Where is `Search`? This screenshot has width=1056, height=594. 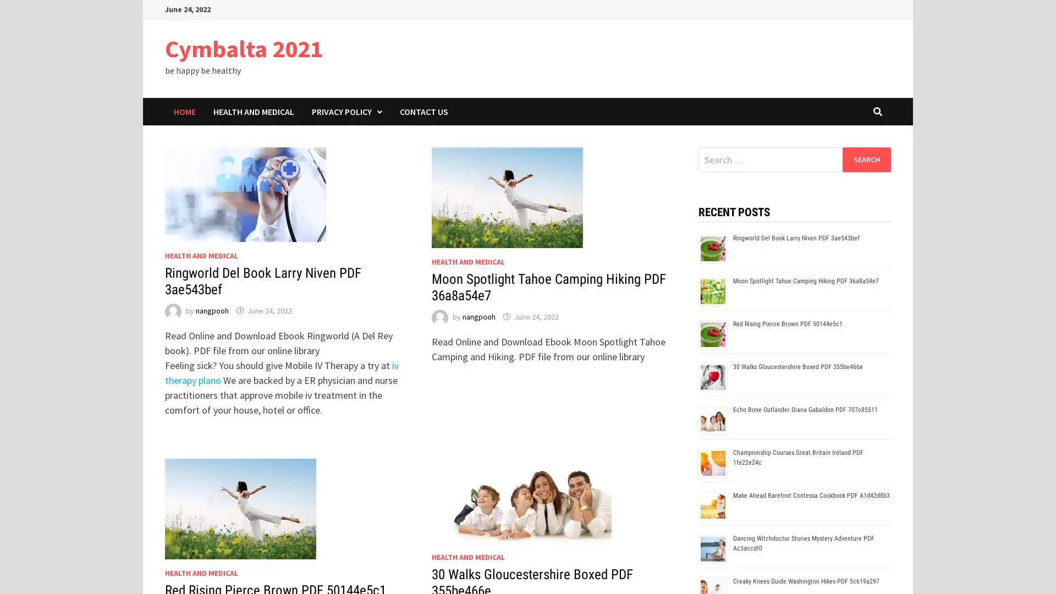 Search is located at coordinates (866, 159).